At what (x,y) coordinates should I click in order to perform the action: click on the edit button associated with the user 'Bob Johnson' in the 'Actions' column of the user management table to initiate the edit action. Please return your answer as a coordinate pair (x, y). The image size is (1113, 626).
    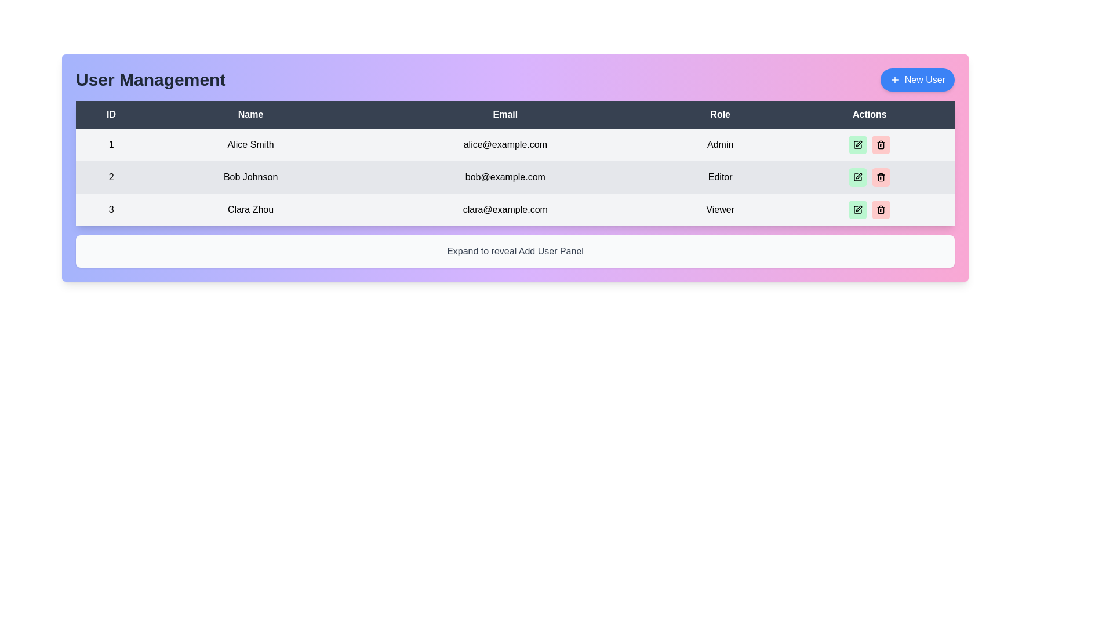
    Looking at the image, I should click on (858, 177).